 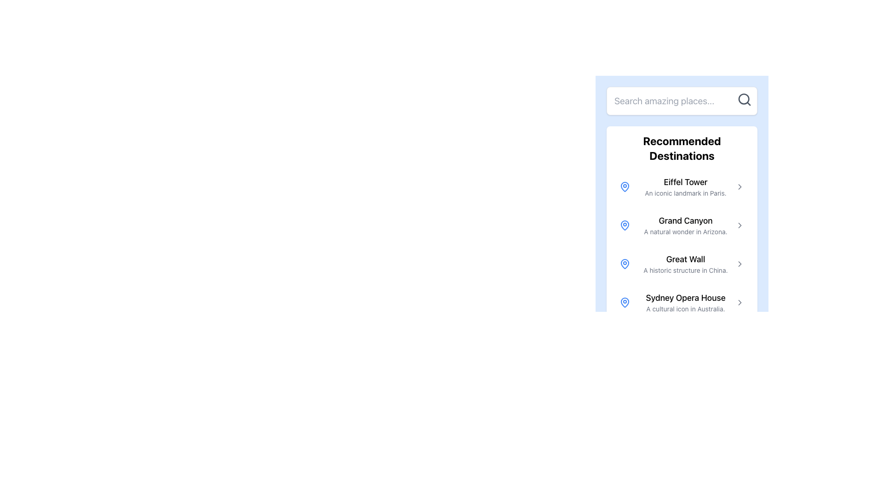 I want to click on the navigational indicator icon for the 'Eiffel Tower' item, which is located to the right of the text and vertically aligned with its baseline, so click(x=740, y=186).